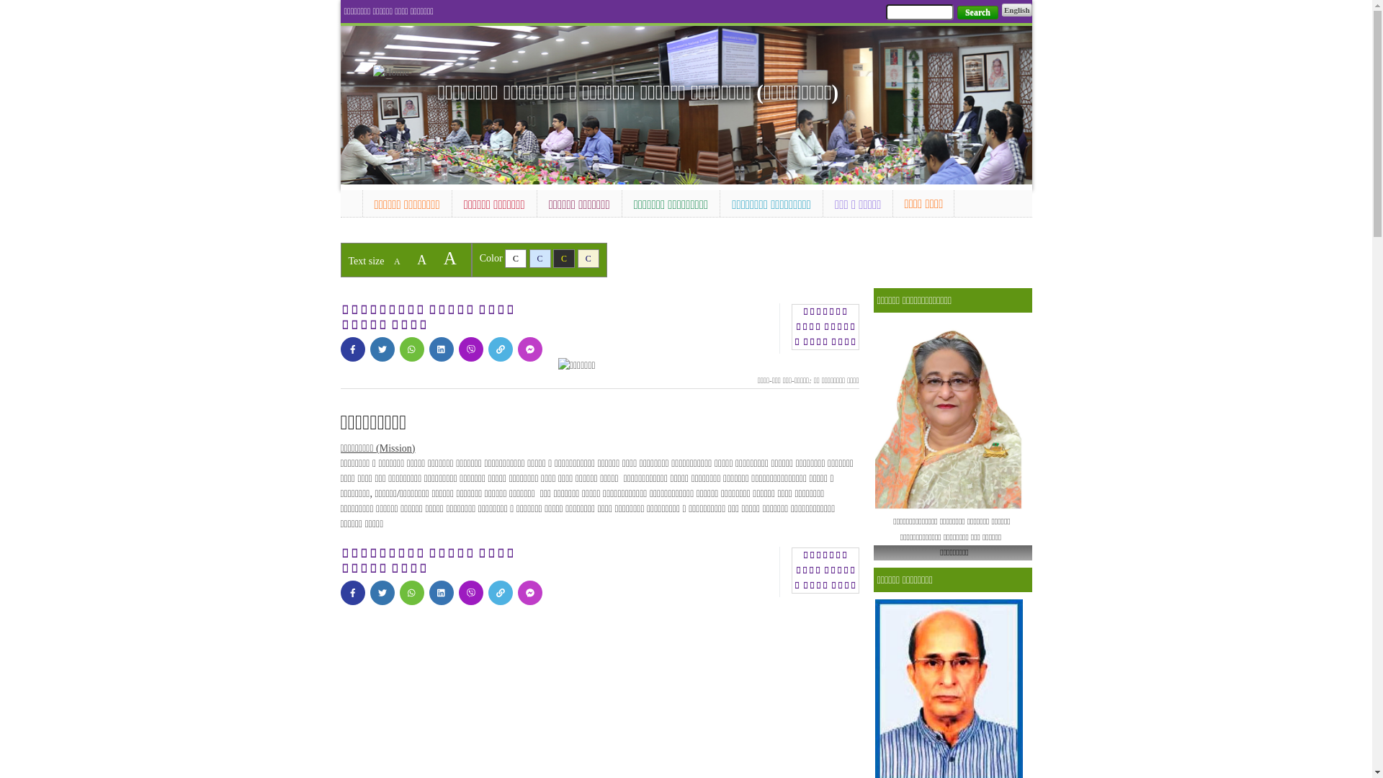  Describe the element at coordinates (957, 12) in the screenshot. I see `'Search'` at that location.